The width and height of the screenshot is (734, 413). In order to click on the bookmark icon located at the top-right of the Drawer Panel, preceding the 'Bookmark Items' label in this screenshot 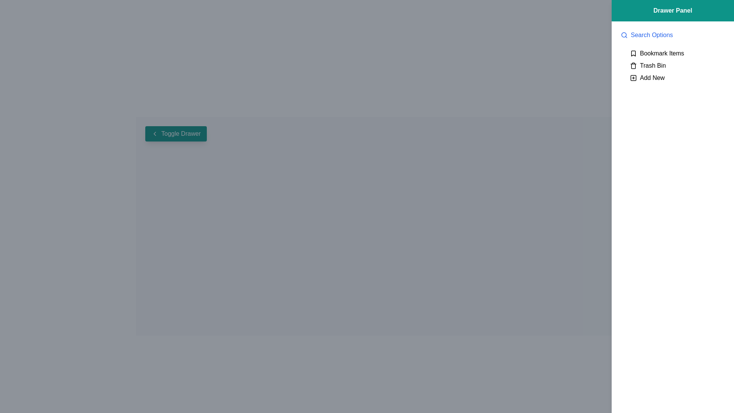, I will do `click(633, 53)`.